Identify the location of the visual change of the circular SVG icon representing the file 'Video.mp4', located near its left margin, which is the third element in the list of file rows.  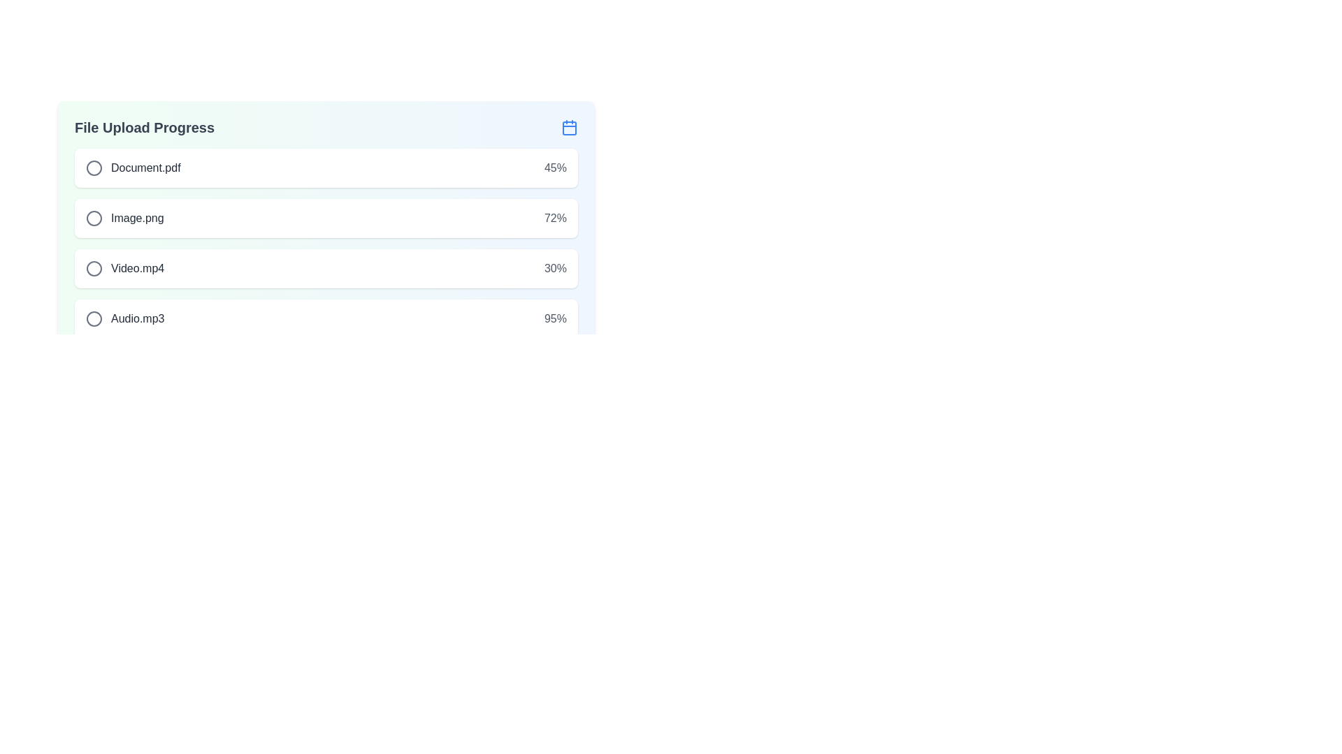
(93, 269).